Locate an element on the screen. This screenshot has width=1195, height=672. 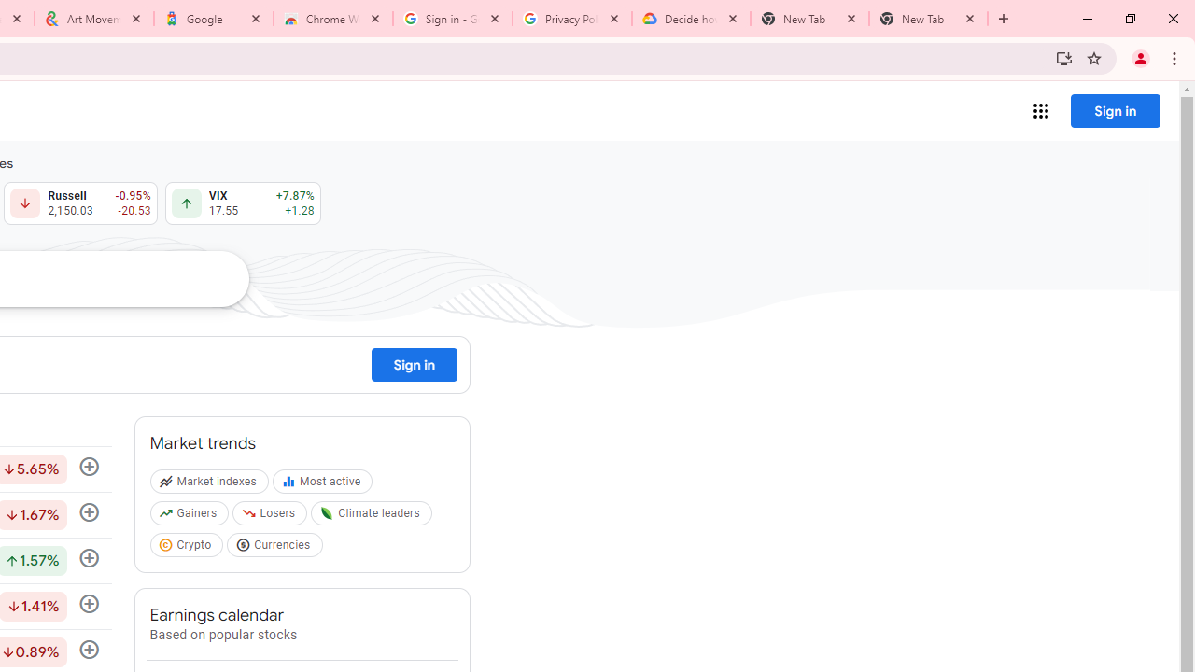
'Chrome Web Store - Color themes by Chrome' is located at coordinates (333, 19).